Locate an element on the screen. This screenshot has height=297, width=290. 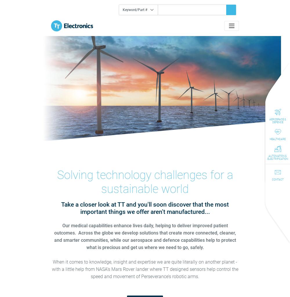
'Customize' is located at coordinates (141, 179).